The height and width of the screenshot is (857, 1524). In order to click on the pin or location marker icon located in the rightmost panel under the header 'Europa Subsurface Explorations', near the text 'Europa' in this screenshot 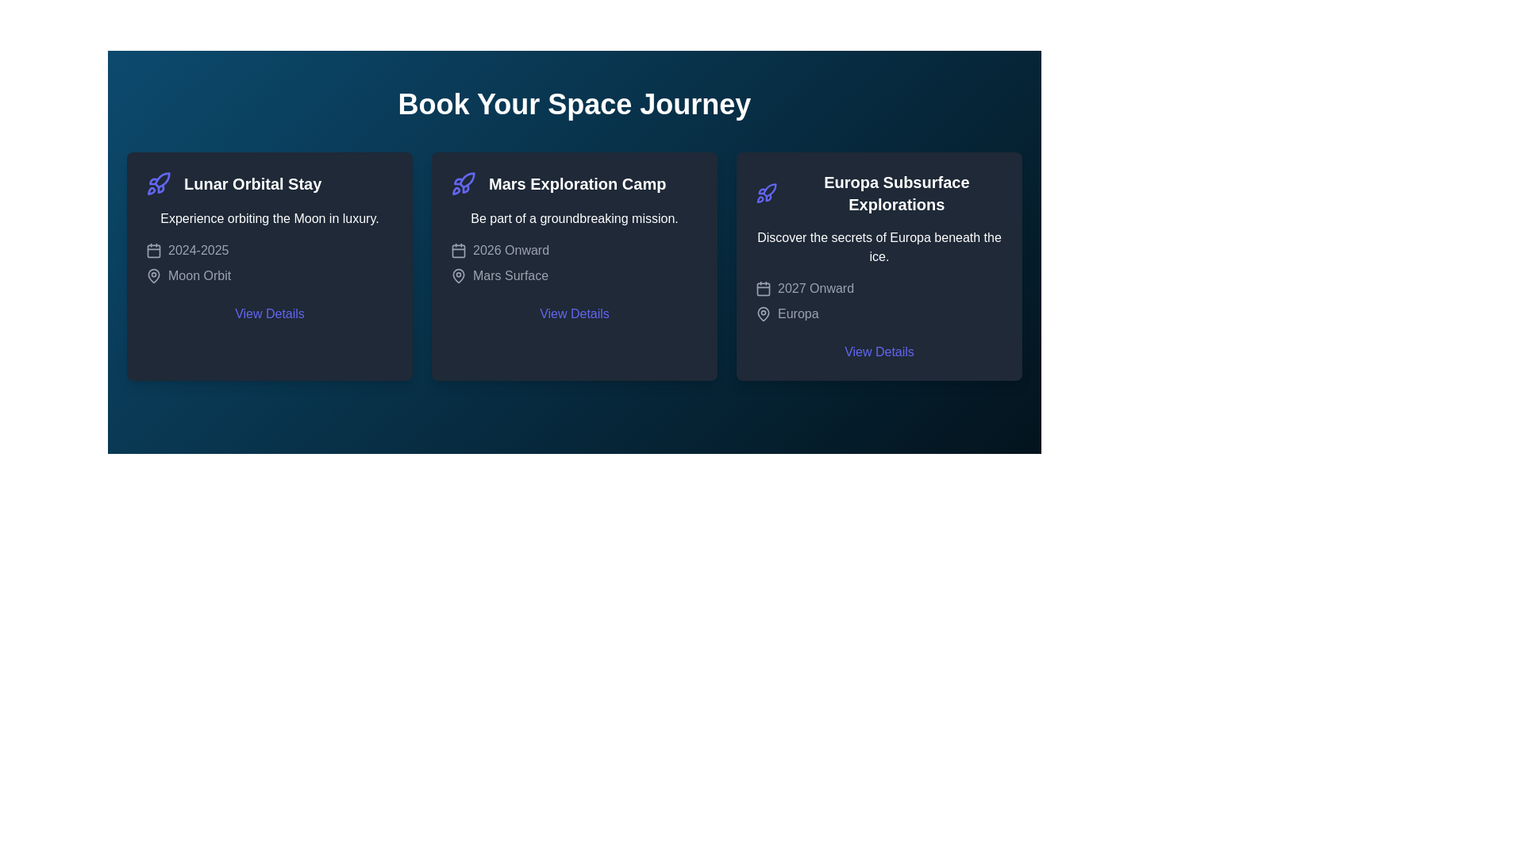, I will do `click(763, 313)`.